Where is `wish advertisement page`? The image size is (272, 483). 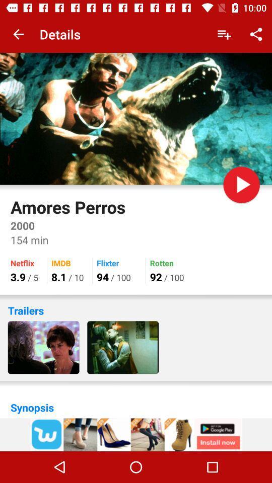 wish advertisement page is located at coordinates (136, 434).